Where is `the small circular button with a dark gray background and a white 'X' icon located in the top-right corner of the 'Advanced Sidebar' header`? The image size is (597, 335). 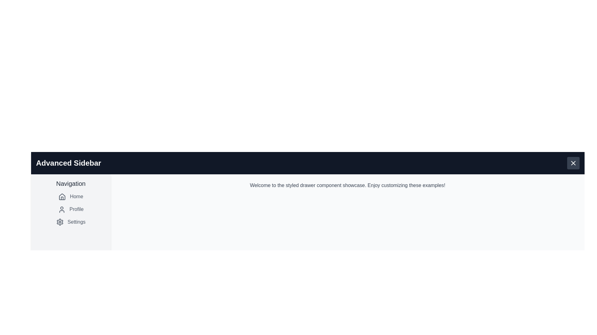
the small circular button with a dark gray background and a white 'X' icon located in the top-right corner of the 'Advanced Sidebar' header is located at coordinates (573, 163).